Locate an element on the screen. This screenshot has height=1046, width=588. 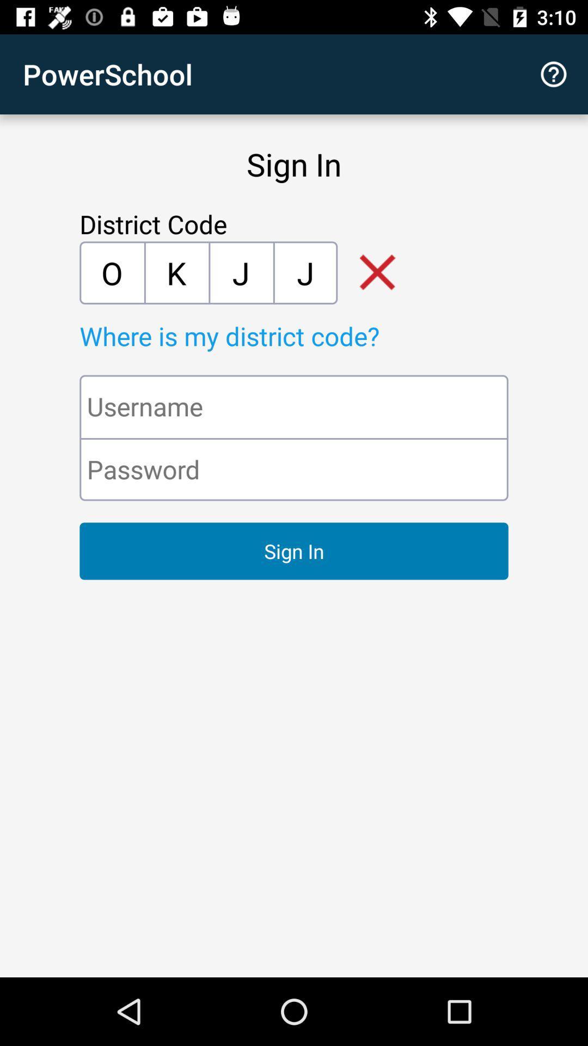
the item at the top right corner is located at coordinates (554, 74).